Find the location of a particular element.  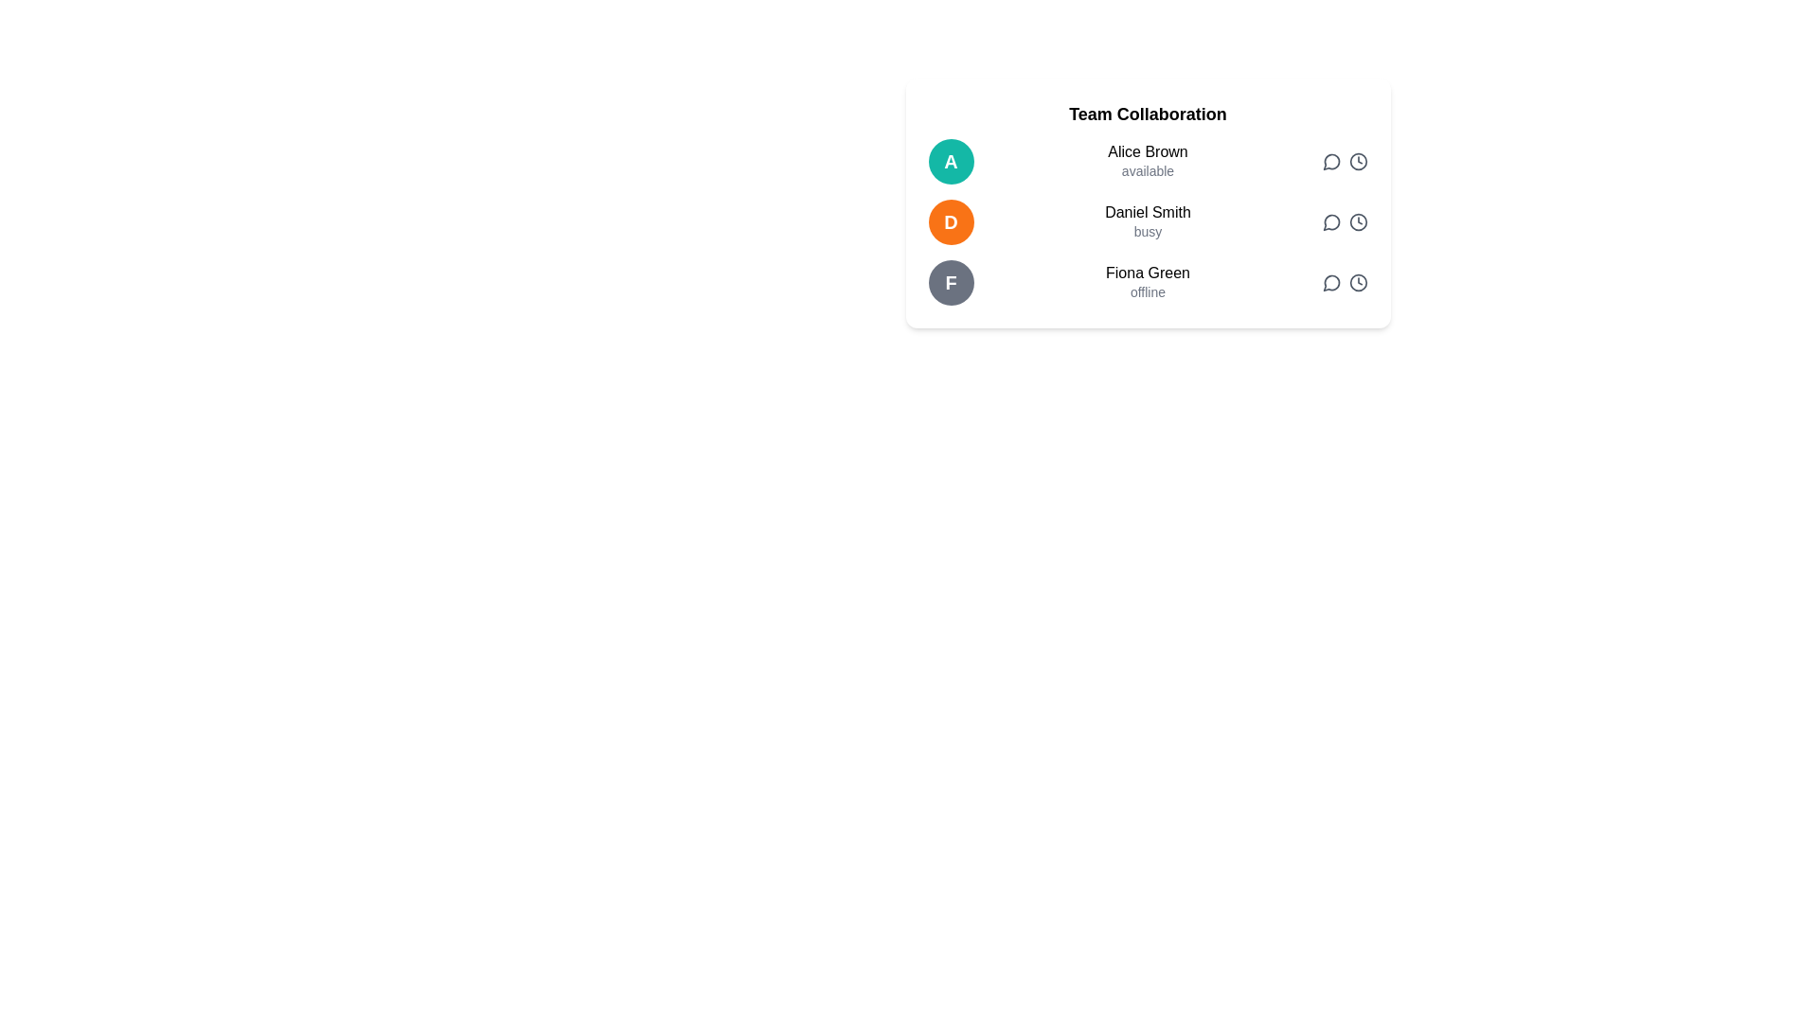

the first icon in the row of icons adjacent to 'Fiona Green' in the 'Team Collaboration' section is located at coordinates (1330, 283).